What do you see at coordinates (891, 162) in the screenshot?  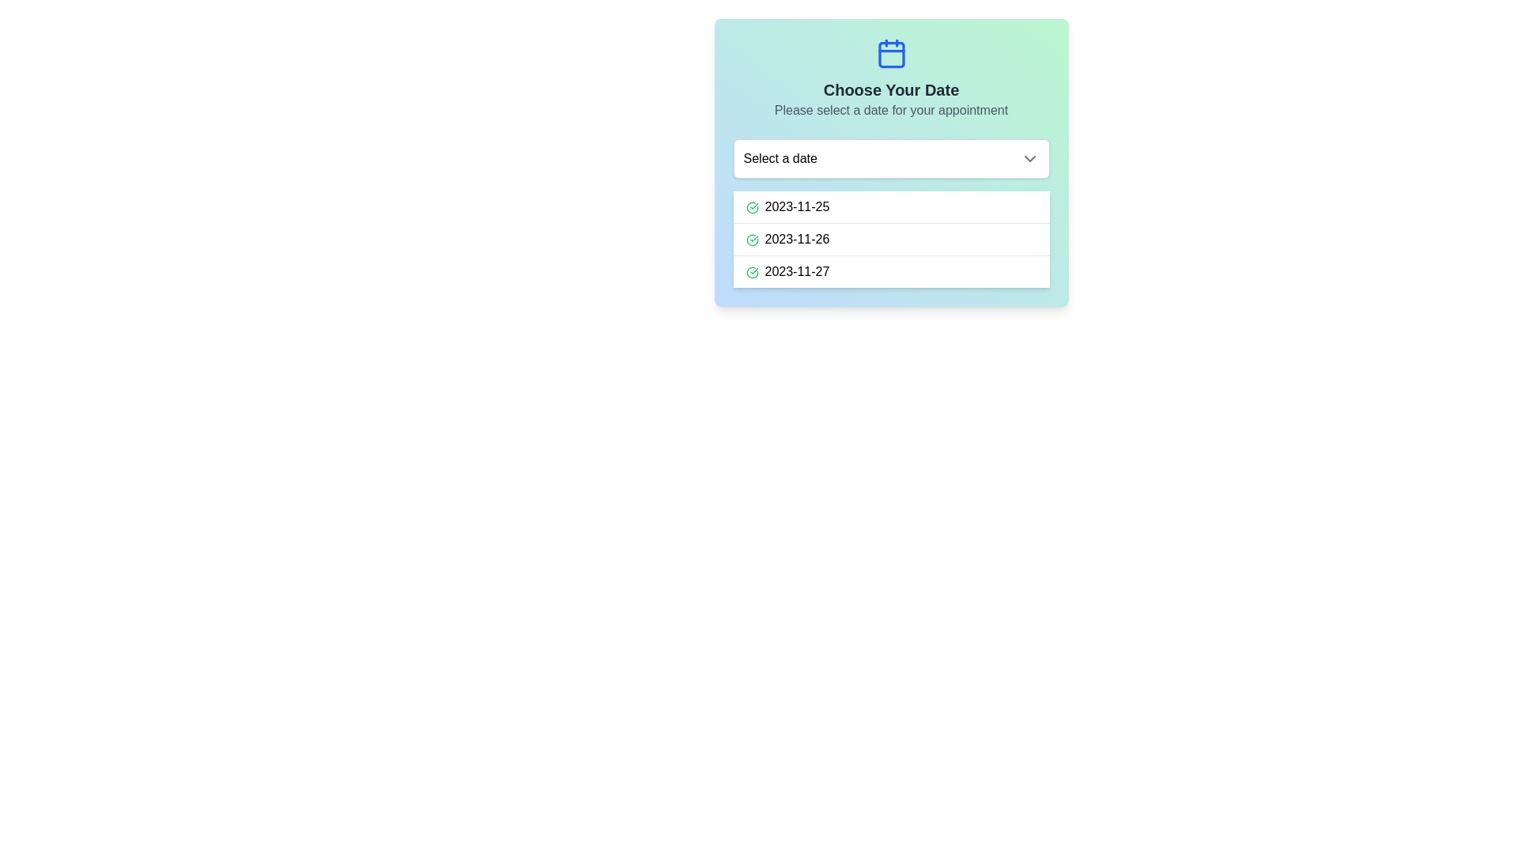 I see `the date selection interface, which is centrally located and serves as the main content focus for picking a date` at bounding box center [891, 162].